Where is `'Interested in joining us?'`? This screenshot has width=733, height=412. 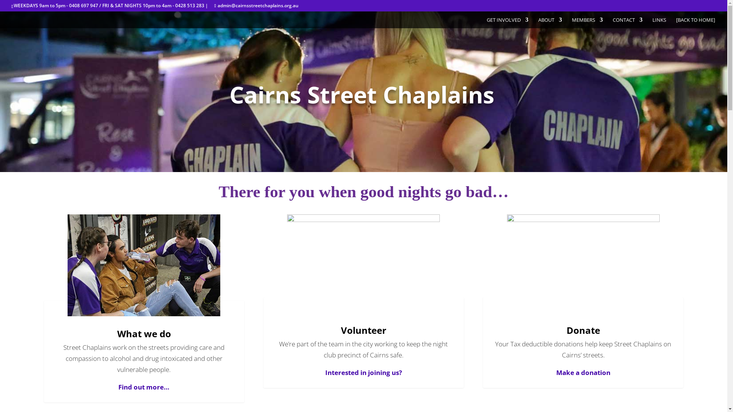 'Interested in joining us?' is located at coordinates (363, 372).